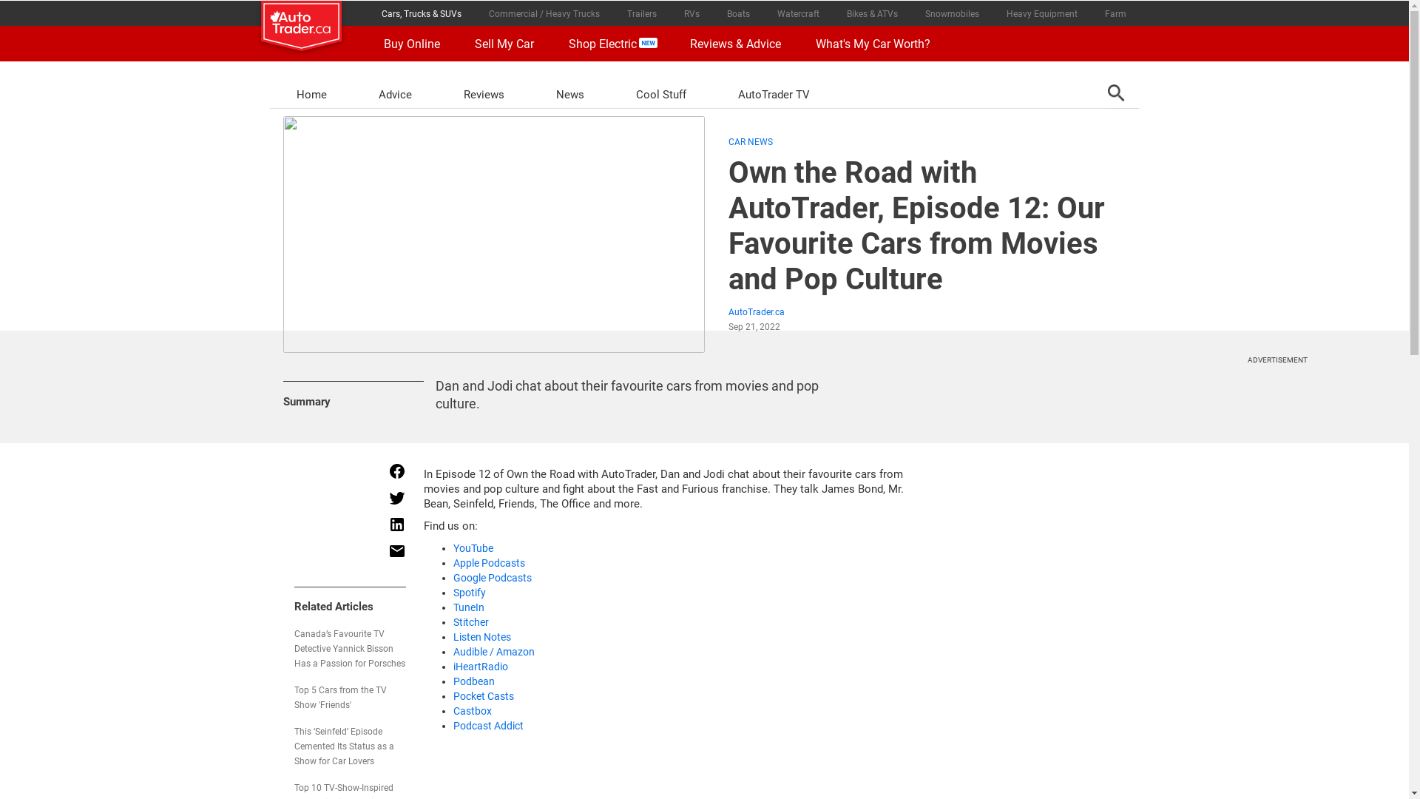 The width and height of the screenshot is (1420, 799). What do you see at coordinates (451, 562) in the screenshot?
I see `'Apple Podcasts'` at bounding box center [451, 562].